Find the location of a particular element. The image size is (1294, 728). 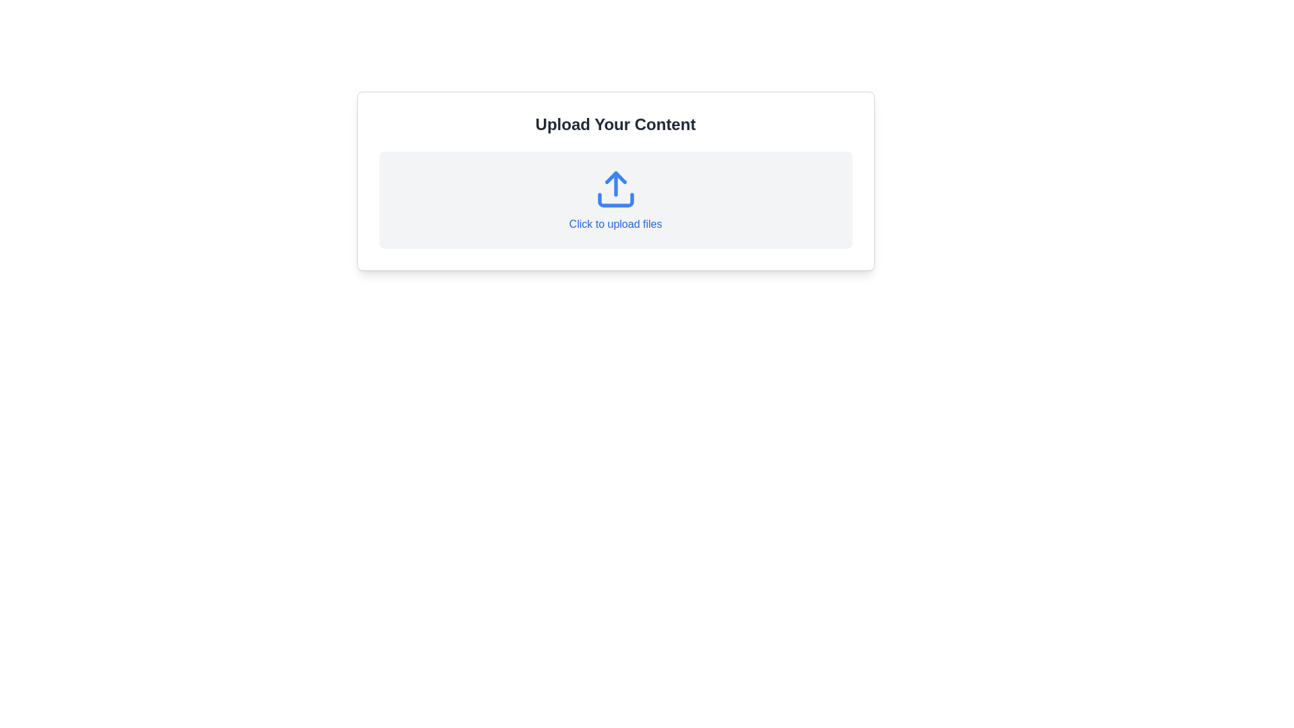

the clickable upload area that reads 'Click to upload files' with an upward arrow icon to provide visual feedback is located at coordinates (615, 200).